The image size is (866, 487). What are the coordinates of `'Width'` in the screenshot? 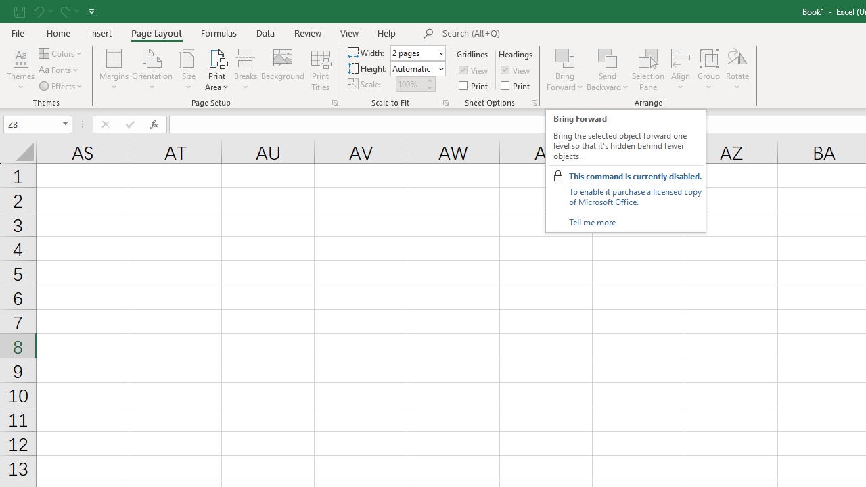 It's located at (417, 52).